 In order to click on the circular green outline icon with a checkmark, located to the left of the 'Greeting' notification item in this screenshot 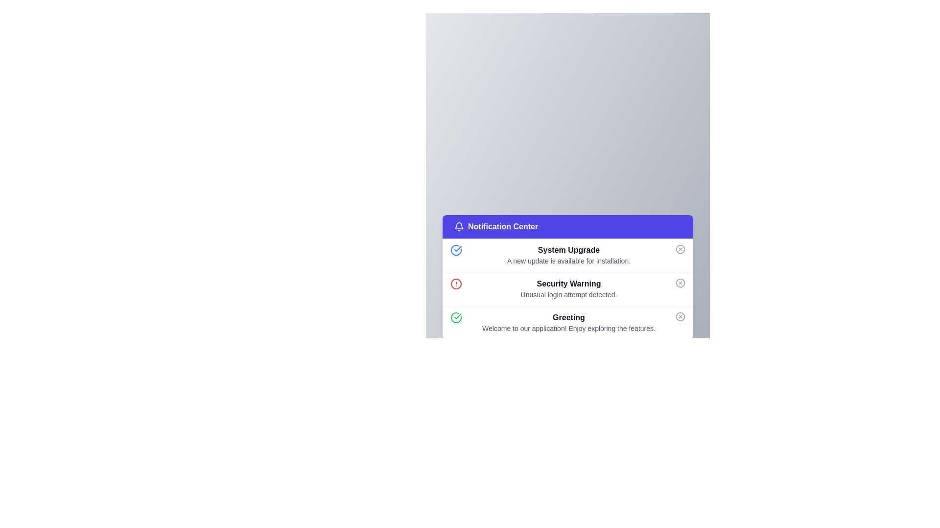, I will do `click(455, 318)`.